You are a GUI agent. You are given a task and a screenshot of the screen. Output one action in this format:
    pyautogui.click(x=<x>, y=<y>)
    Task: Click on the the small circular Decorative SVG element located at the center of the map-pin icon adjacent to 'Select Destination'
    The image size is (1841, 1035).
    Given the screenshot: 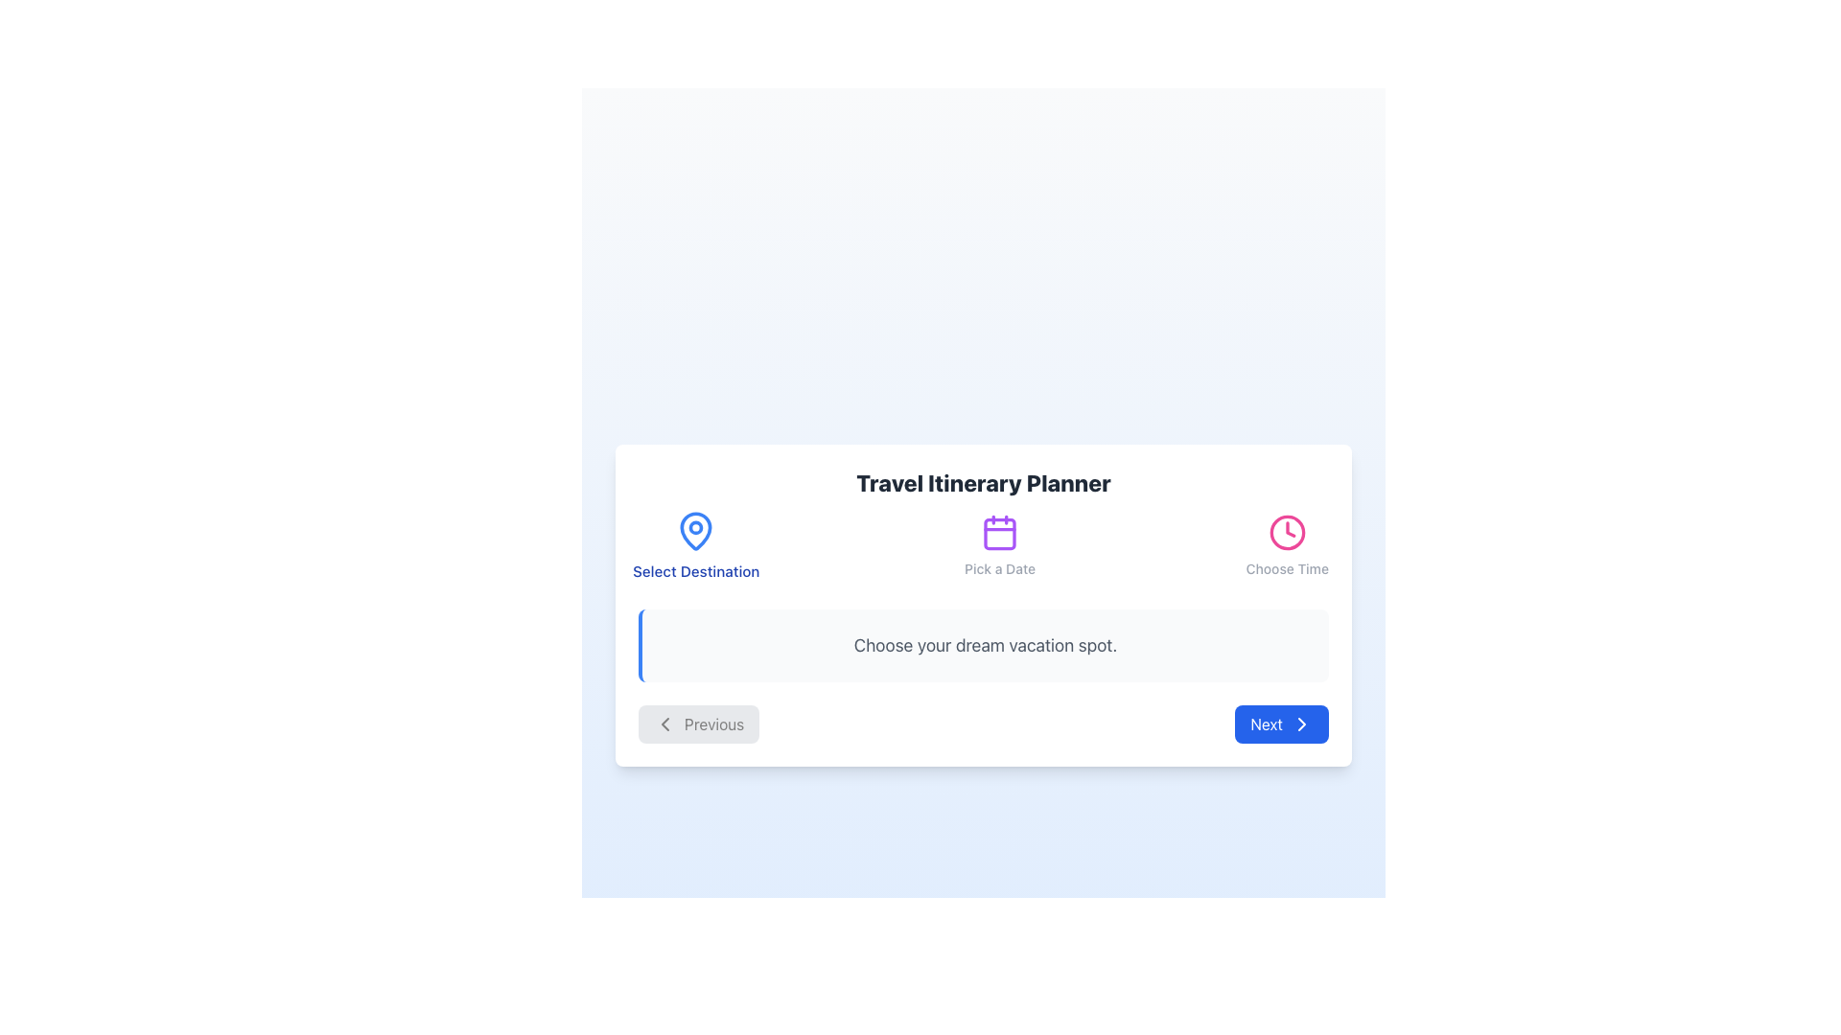 What is the action you would take?
    pyautogui.click(x=695, y=527)
    